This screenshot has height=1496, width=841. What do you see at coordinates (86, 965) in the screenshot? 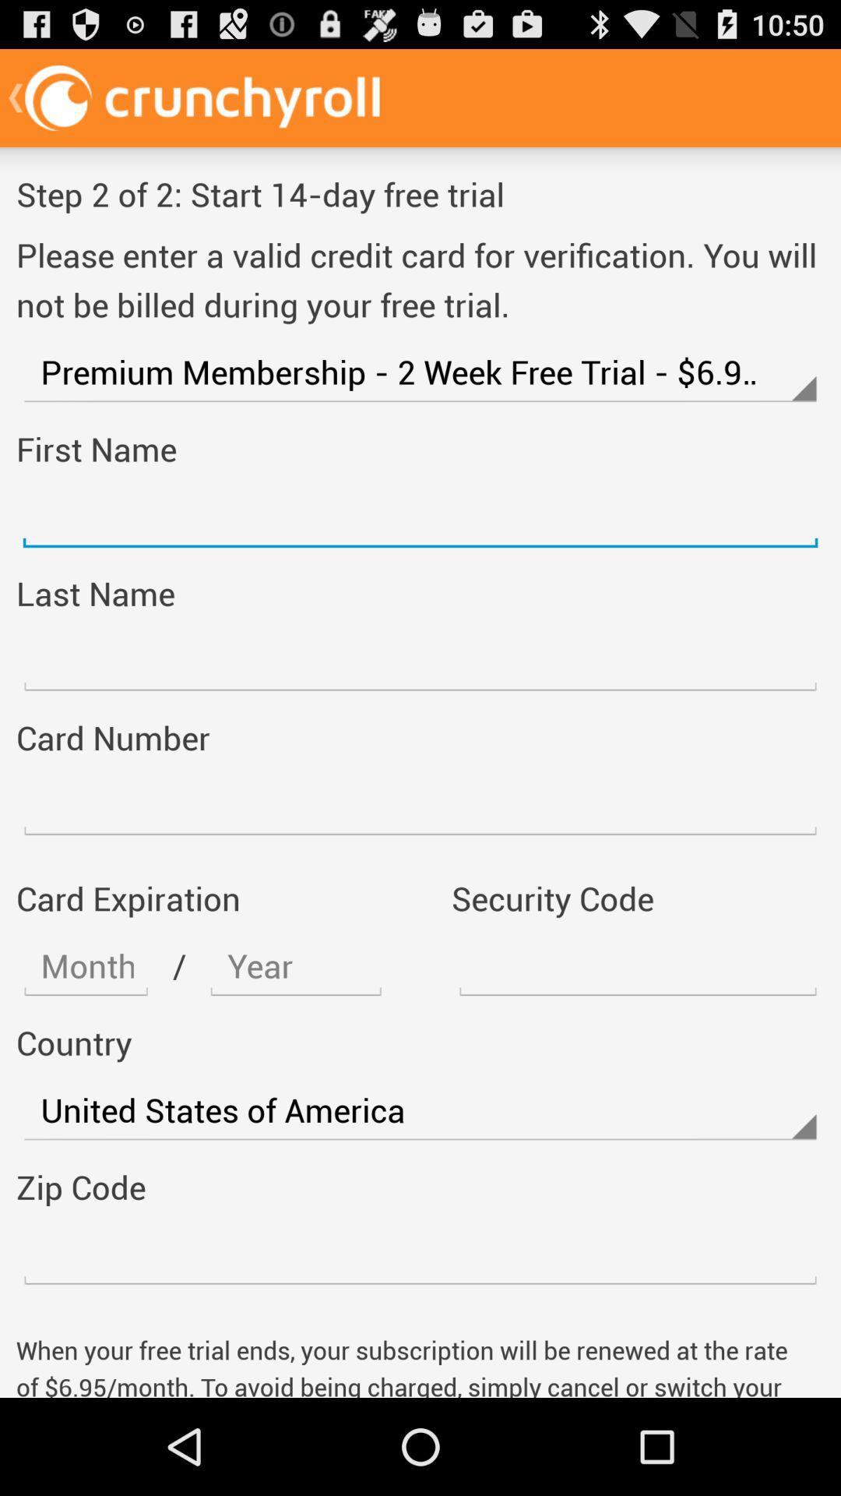
I see `adress` at bounding box center [86, 965].